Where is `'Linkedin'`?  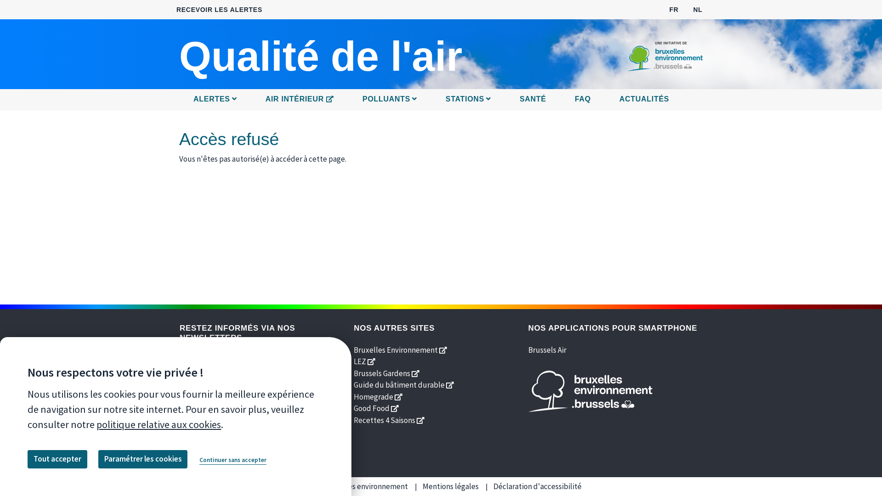 'Linkedin' is located at coordinates (251, 416).